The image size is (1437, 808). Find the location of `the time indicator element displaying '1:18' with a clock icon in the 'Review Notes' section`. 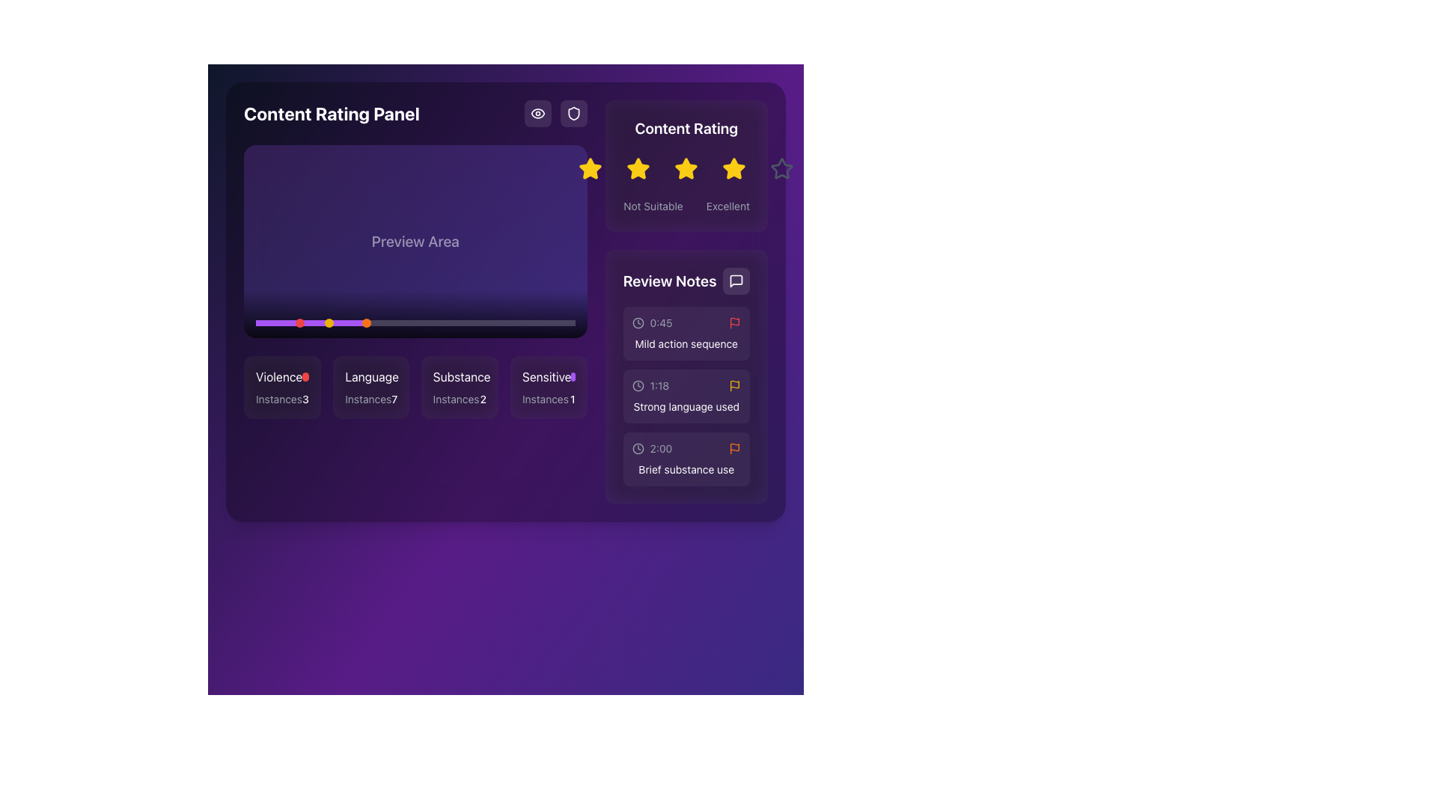

the time indicator element displaying '1:18' with a clock icon in the 'Review Notes' section is located at coordinates (650, 385).